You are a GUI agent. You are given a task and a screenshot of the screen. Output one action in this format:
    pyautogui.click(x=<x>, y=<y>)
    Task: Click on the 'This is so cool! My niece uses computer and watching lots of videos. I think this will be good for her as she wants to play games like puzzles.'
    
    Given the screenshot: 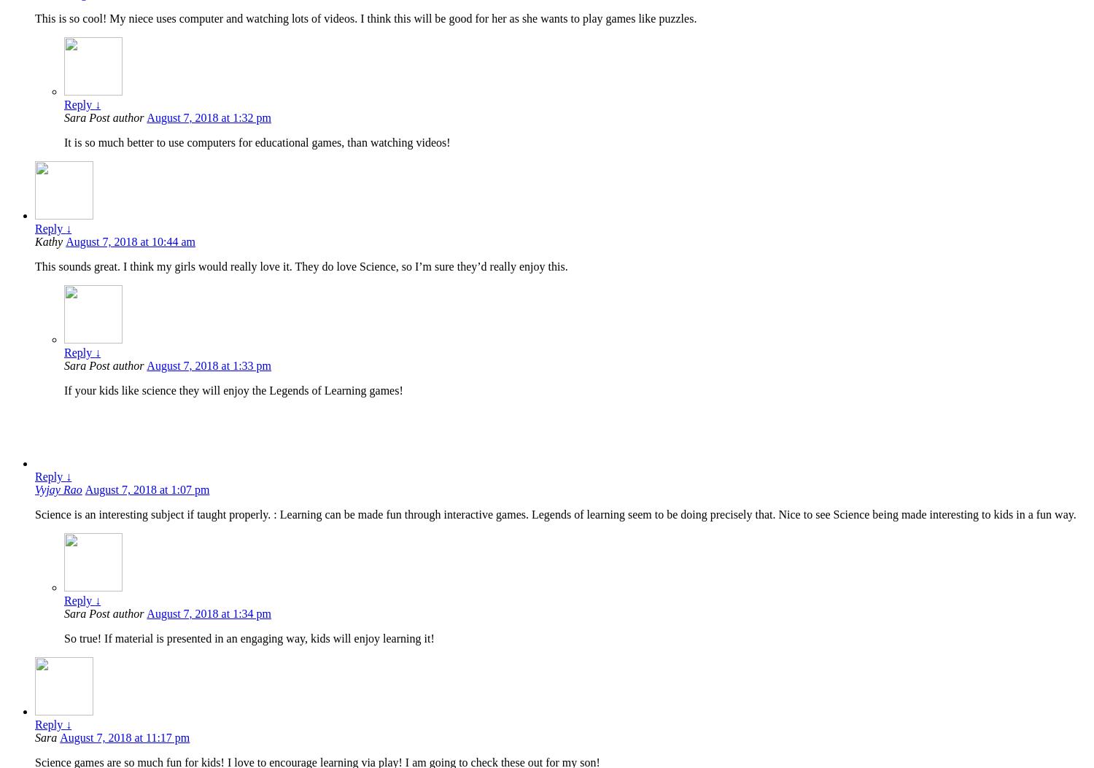 What is the action you would take?
    pyautogui.click(x=365, y=18)
    